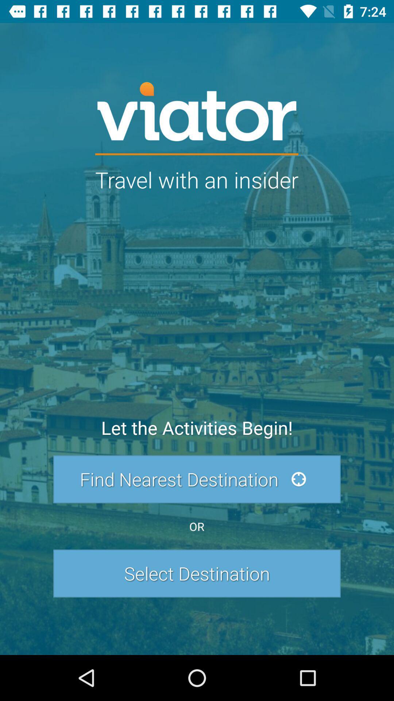 The height and width of the screenshot is (701, 394). What do you see at coordinates (197, 573) in the screenshot?
I see `select destination item` at bounding box center [197, 573].